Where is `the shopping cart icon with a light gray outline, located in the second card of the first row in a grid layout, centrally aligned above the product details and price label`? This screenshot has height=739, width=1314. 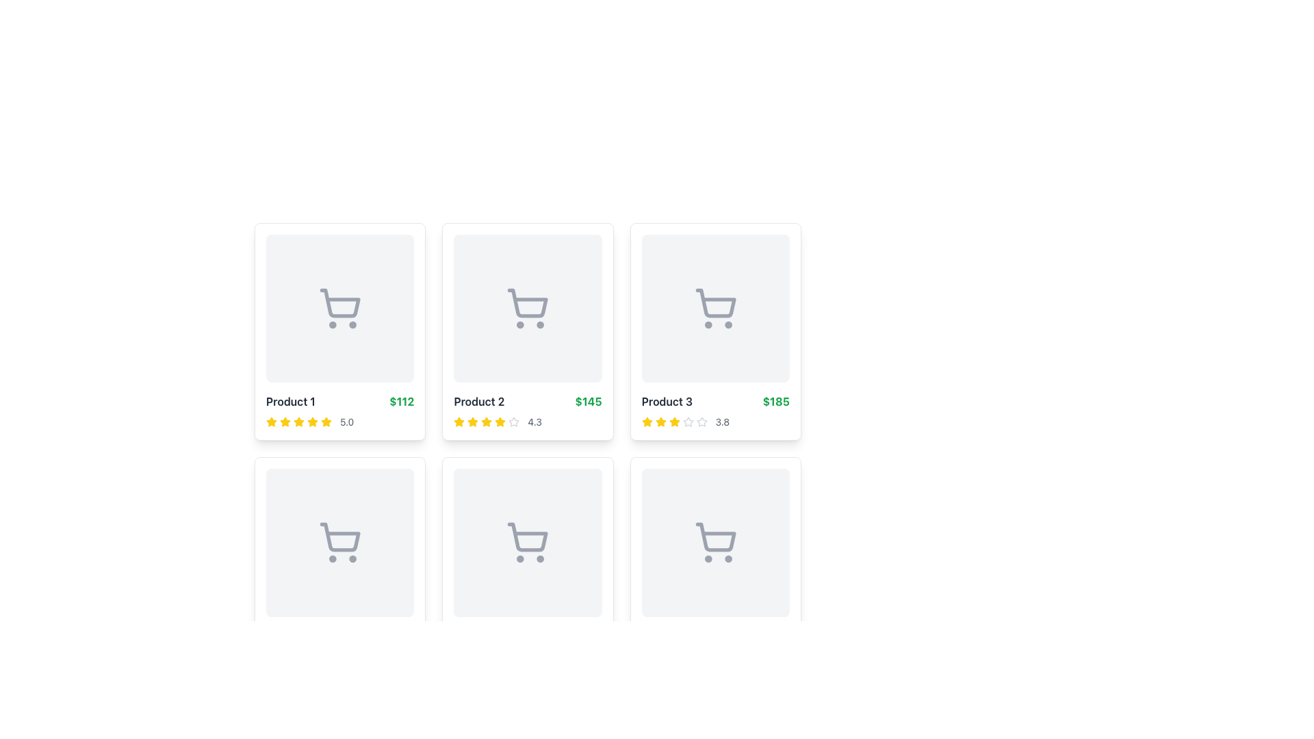
the shopping cart icon with a light gray outline, located in the second card of the first row in a grid layout, centrally aligned above the product details and price label is located at coordinates (527, 309).